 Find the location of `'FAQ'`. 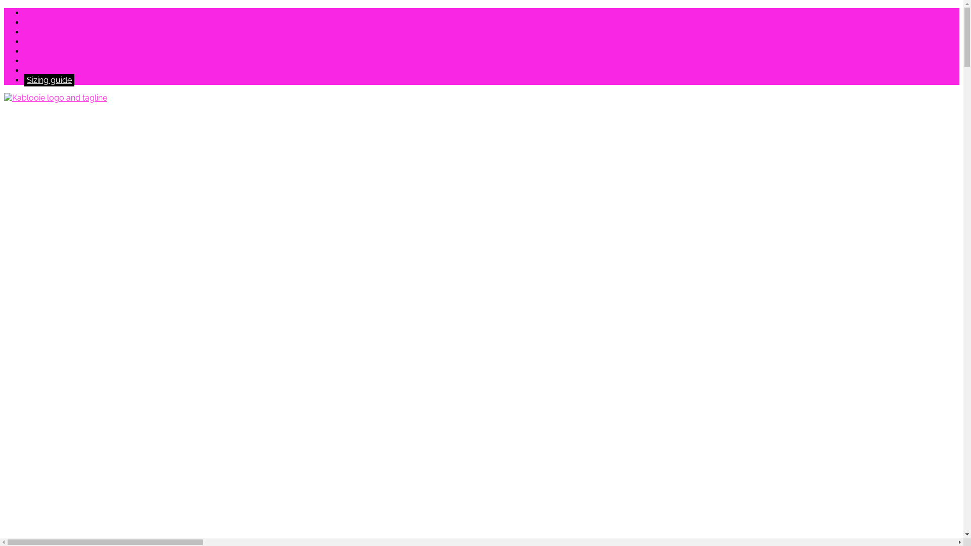

'FAQ' is located at coordinates (32, 41).